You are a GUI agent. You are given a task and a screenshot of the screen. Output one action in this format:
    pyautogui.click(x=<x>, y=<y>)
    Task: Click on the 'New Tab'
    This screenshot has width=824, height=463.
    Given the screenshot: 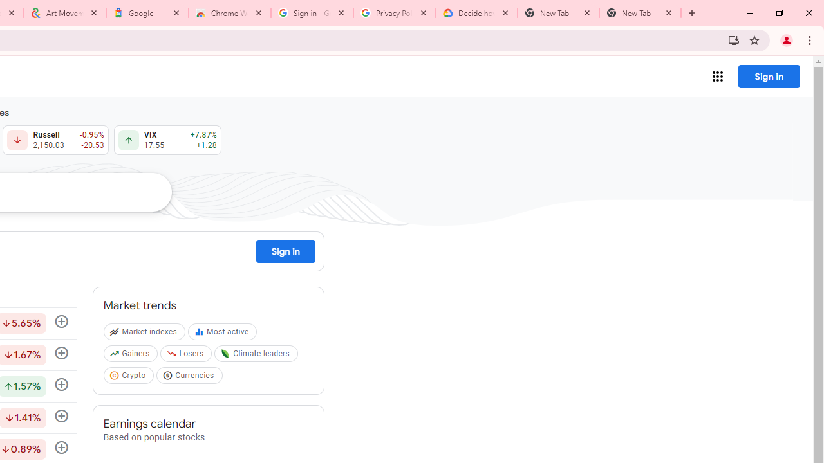 What is the action you would take?
    pyautogui.click(x=640, y=13)
    